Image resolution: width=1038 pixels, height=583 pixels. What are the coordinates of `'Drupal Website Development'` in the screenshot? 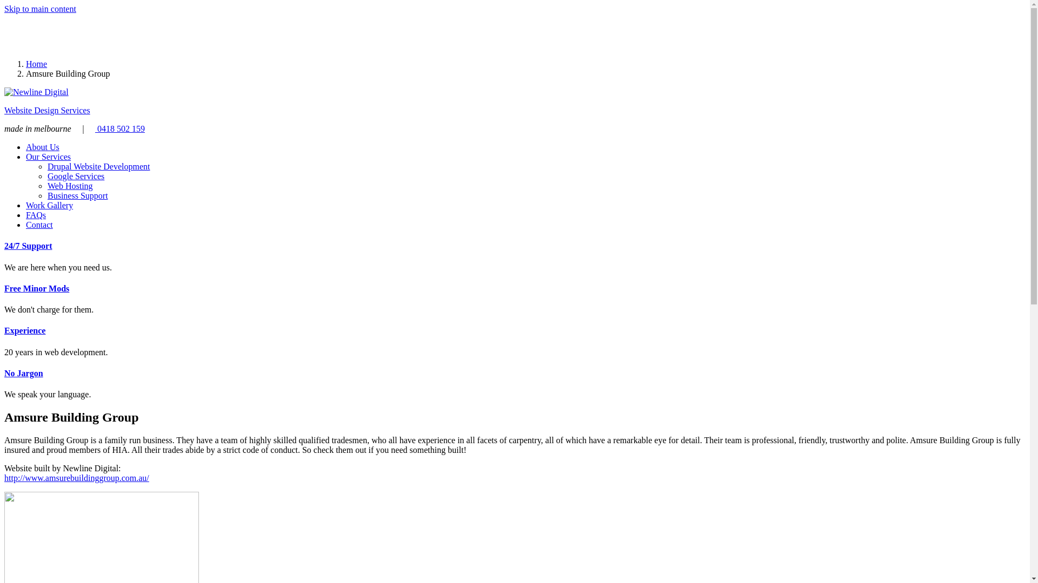 It's located at (98, 166).